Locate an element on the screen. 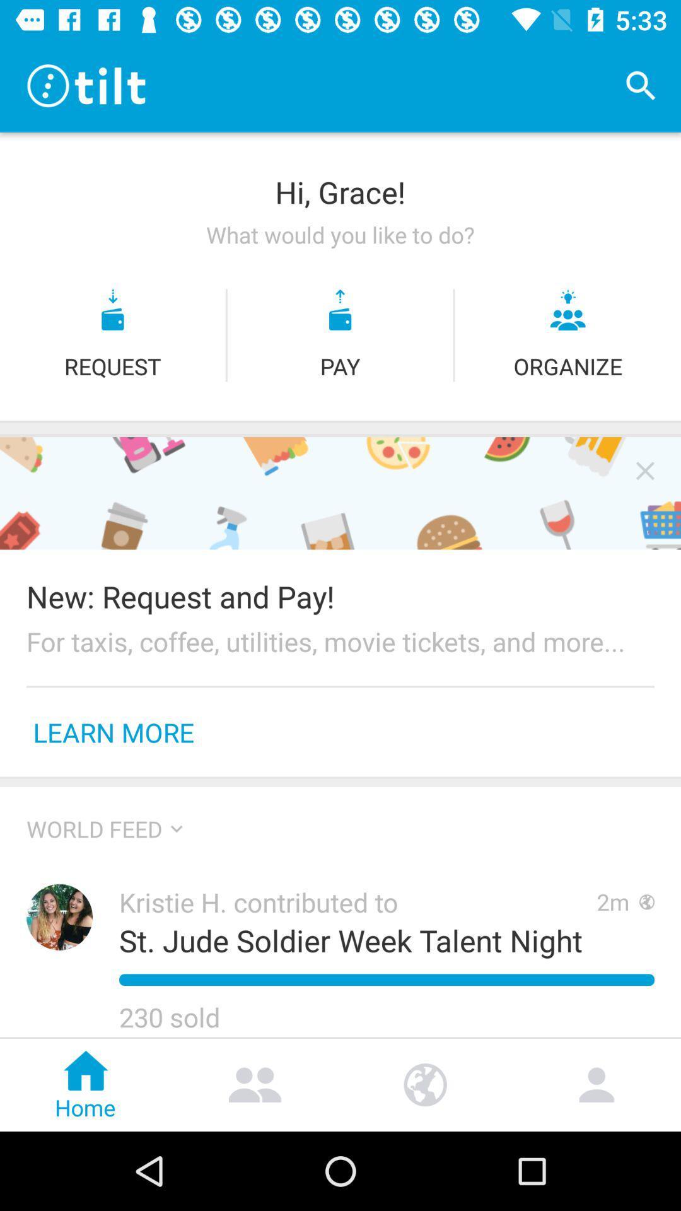 This screenshot has height=1211, width=681. the item below world feed is located at coordinates (59, 917).